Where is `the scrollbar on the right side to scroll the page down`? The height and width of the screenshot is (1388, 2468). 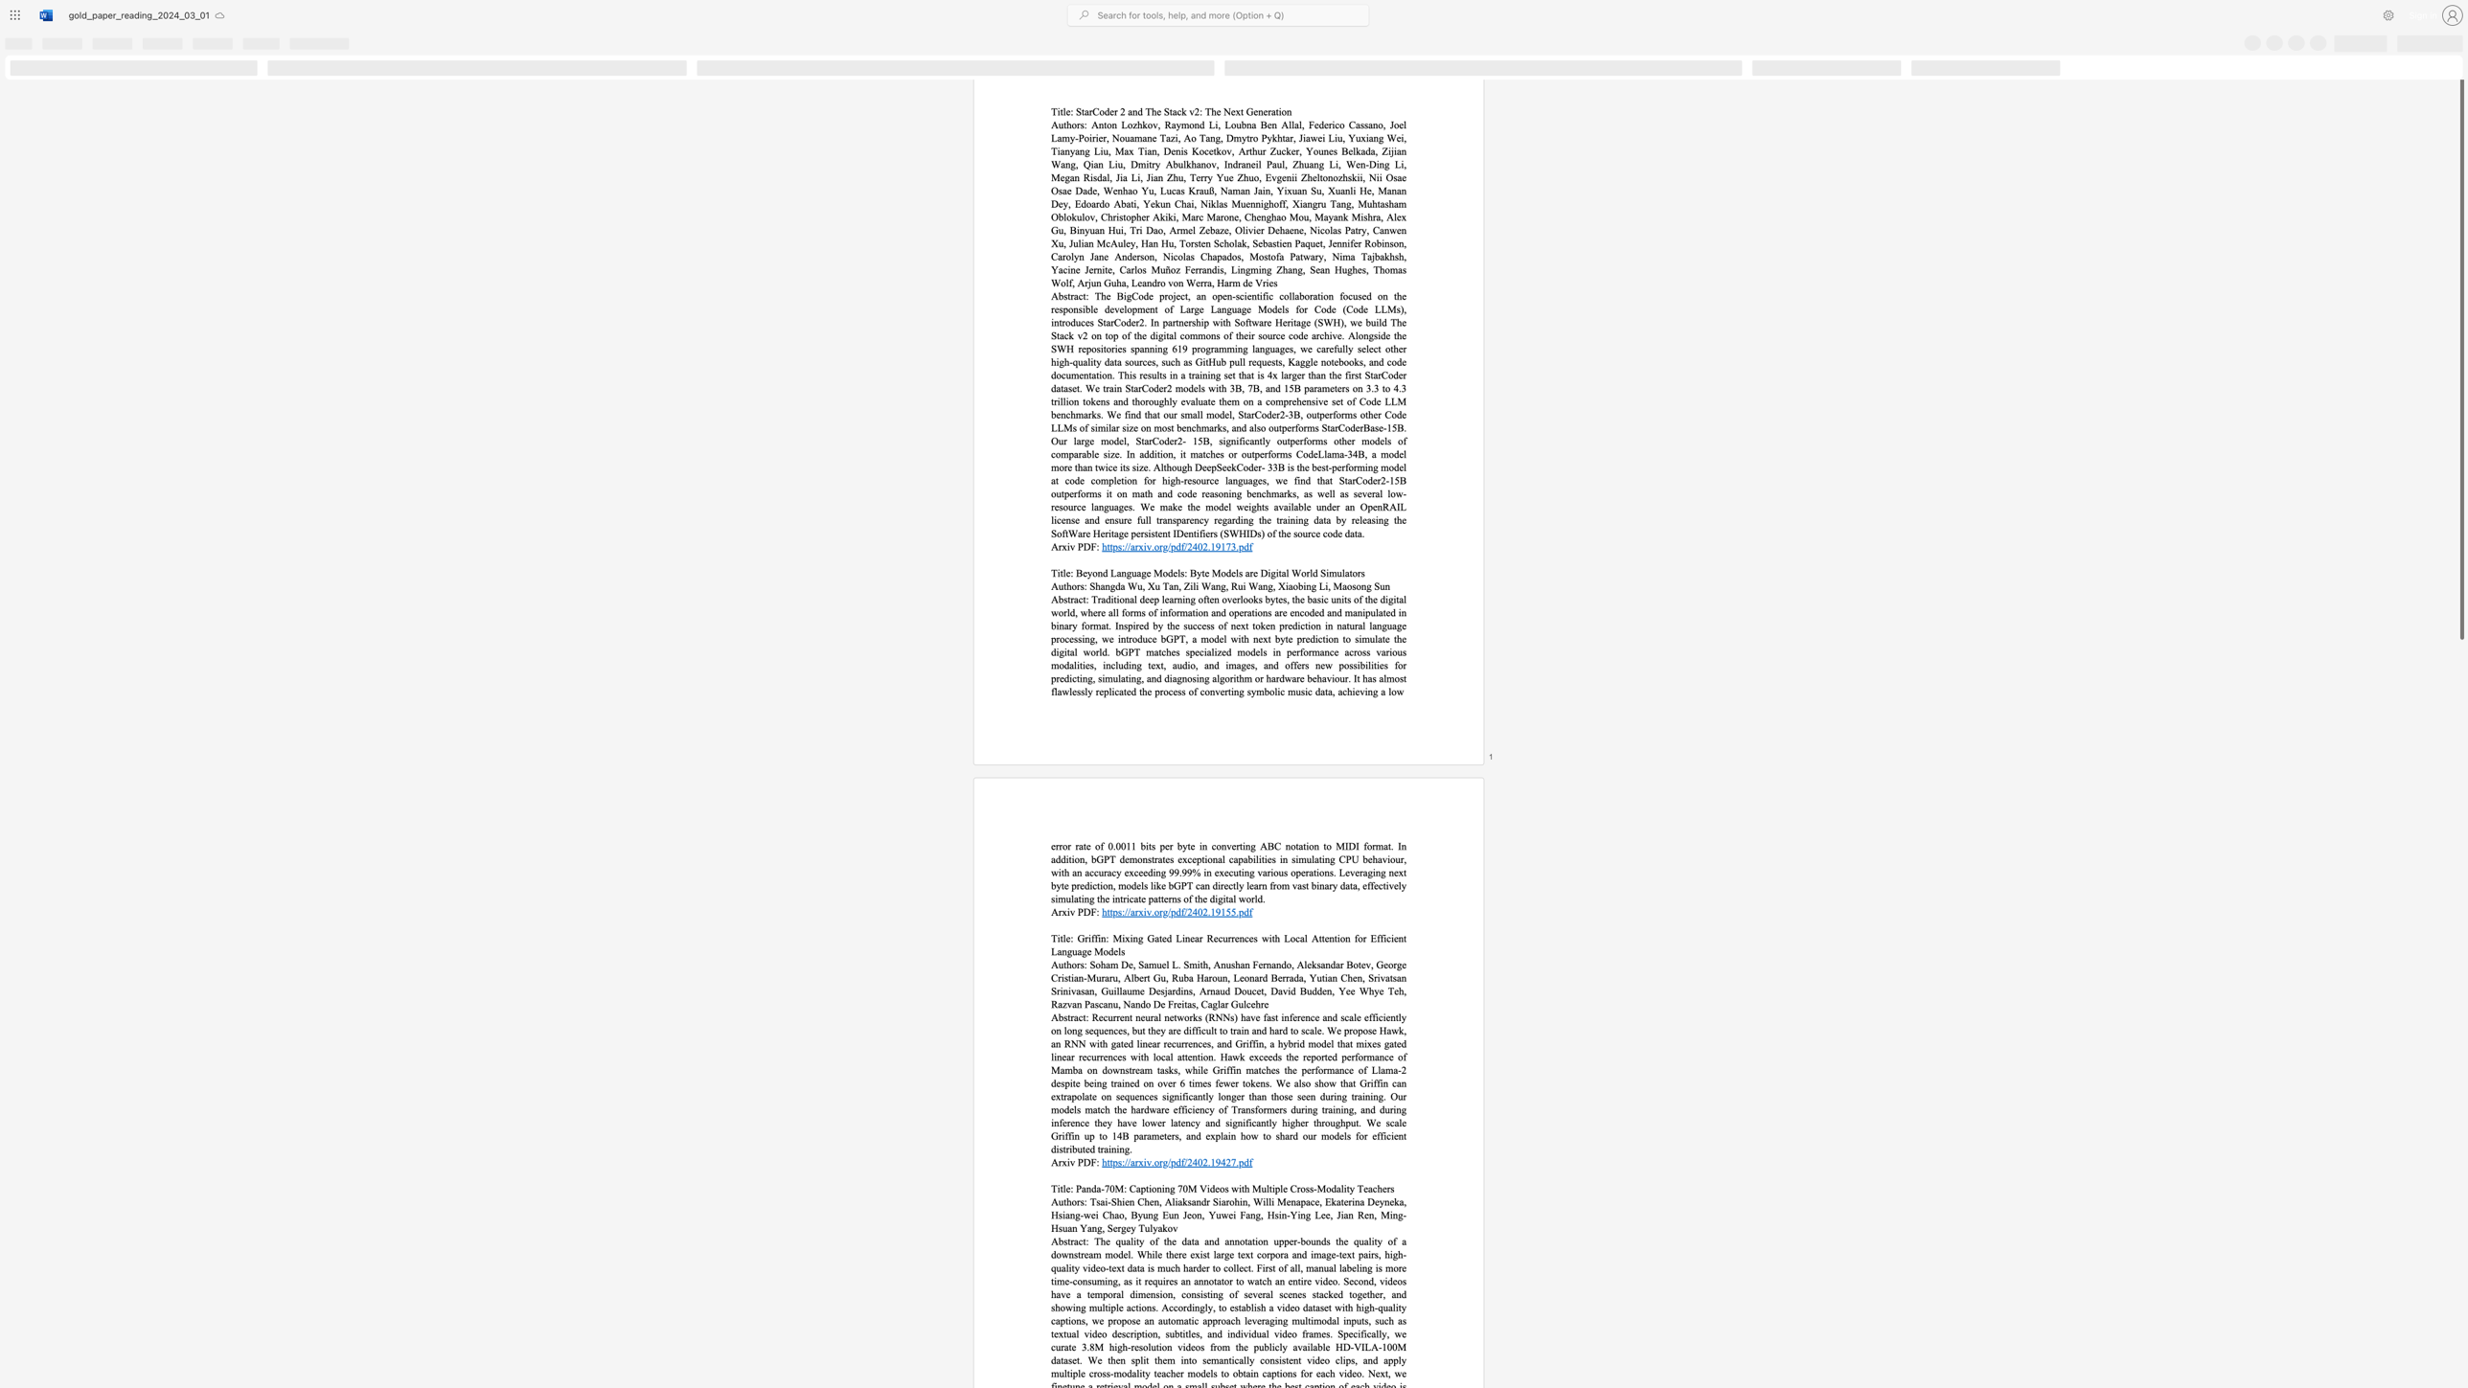 the scrollbar on the right side to scroll the page down is located at coordinates (2460, 1041).